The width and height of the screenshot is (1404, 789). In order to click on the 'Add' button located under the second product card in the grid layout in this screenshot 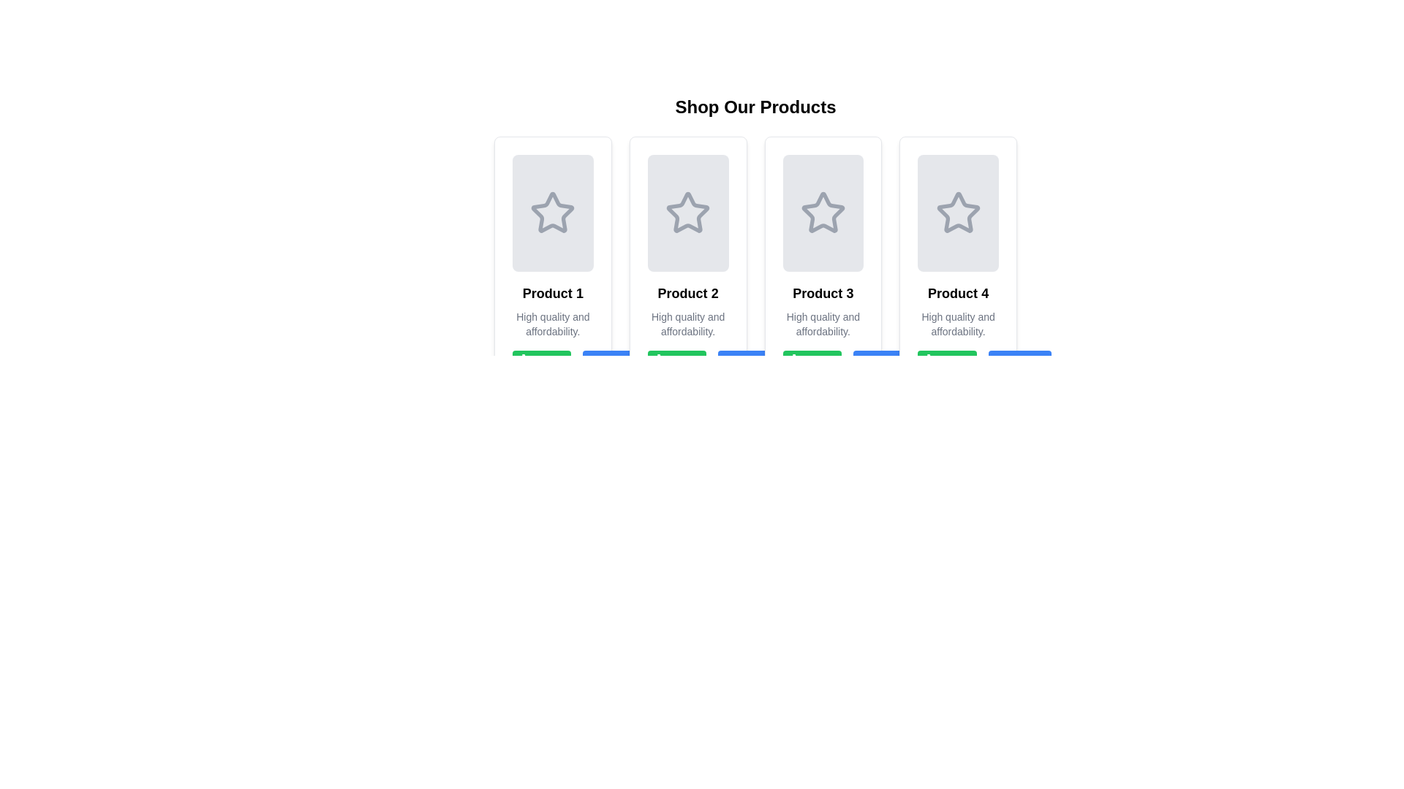, I will do `click(676, 362)`.